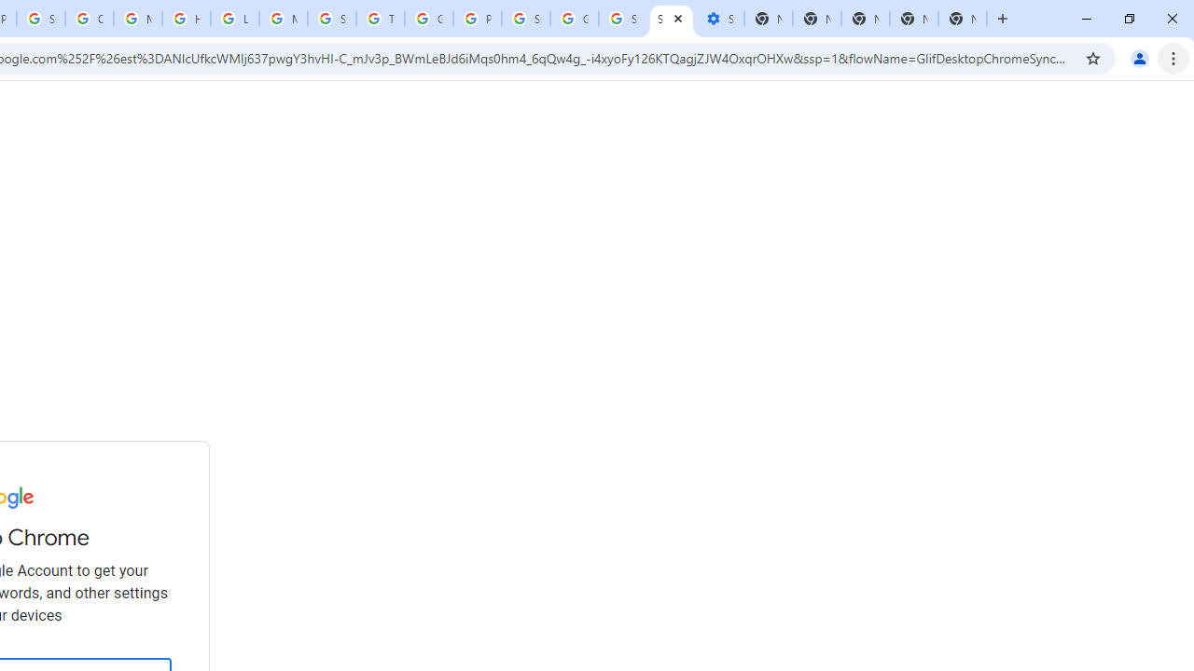 The image size is (1194, 671). I want to click on 'Settings - Performance', so click(718, 19).